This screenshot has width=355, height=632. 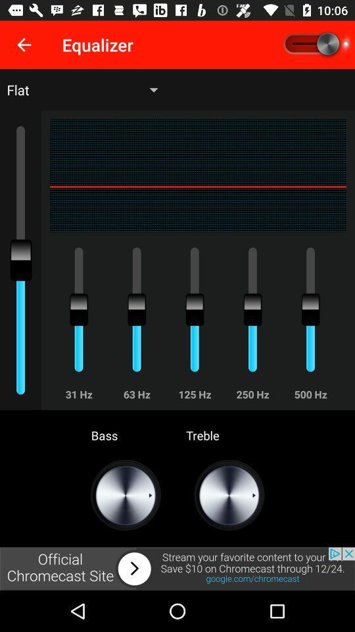 What do you see at coordinates (177, 568) in the screenshot?
I see `the advertising website` at bounding box center [177, 568].